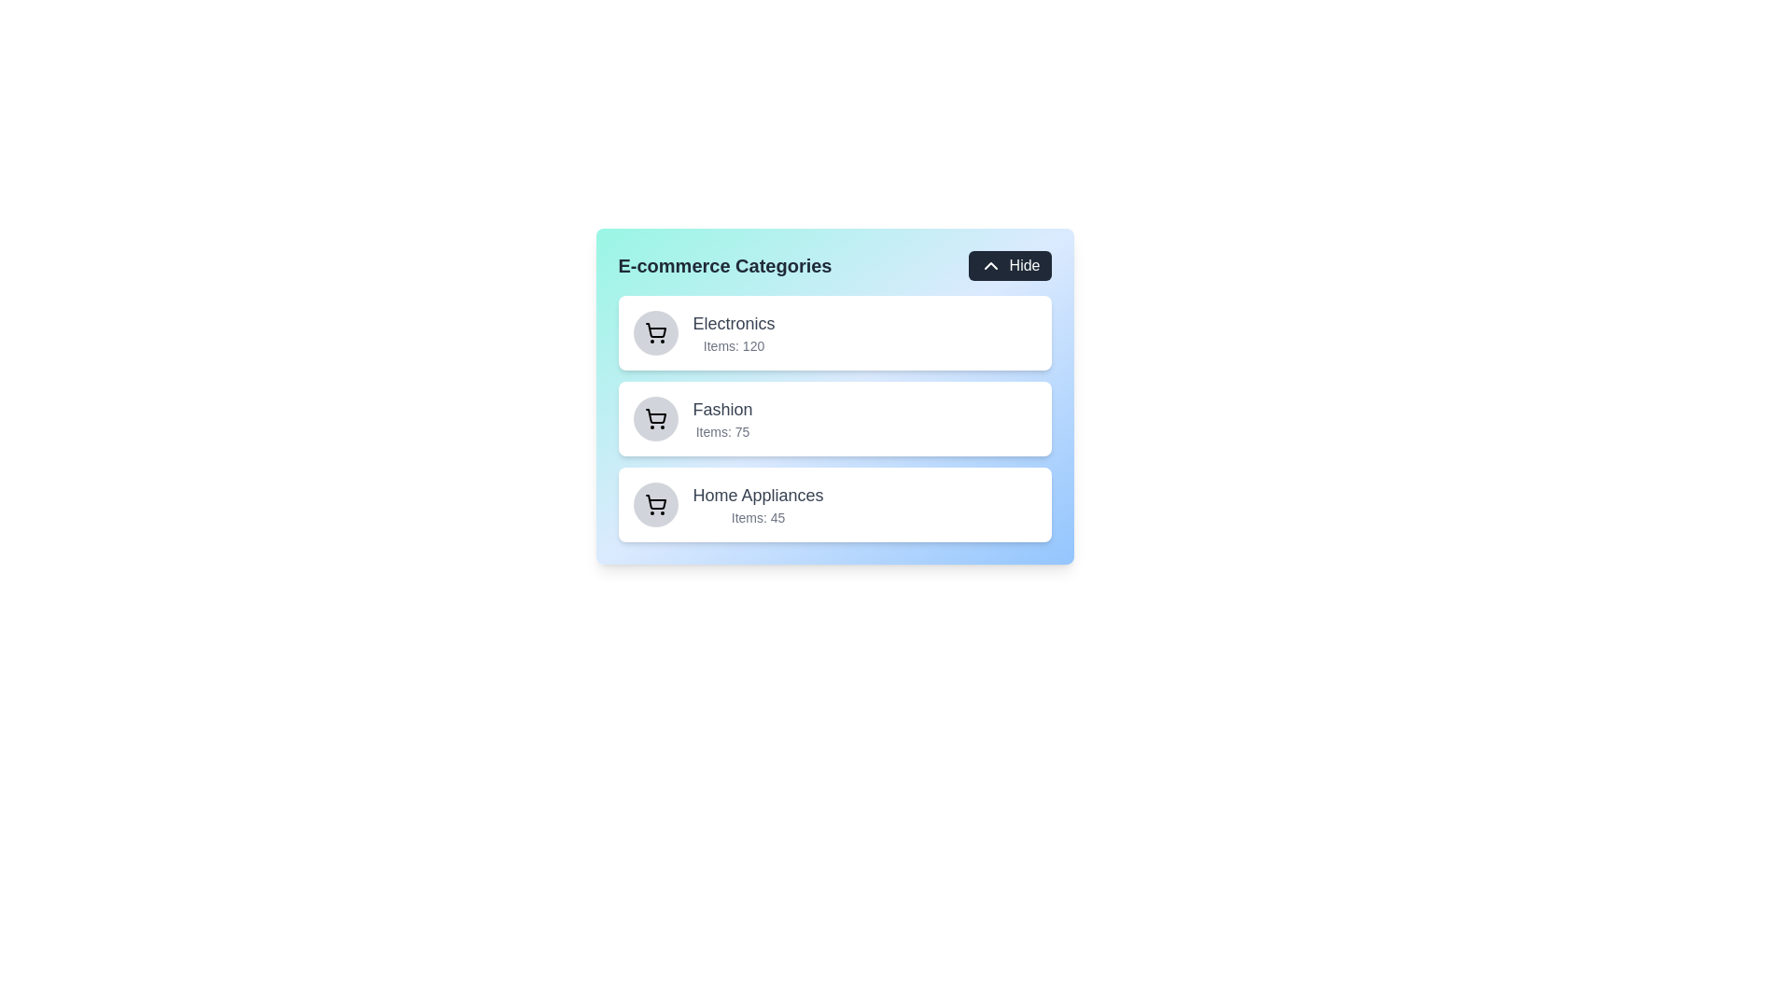 This screenshot has width=1792, height=1008. Describe the element at coordinates (1008, 266) in the screenshot. I see `the 'Hide' button to toggle the menu visibility` at that location.